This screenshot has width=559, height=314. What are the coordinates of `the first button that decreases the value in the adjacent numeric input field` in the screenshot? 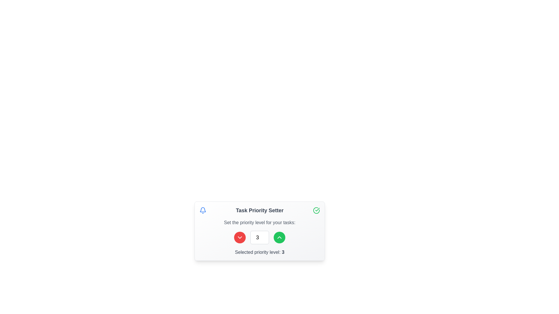 It's located at (240, 238).